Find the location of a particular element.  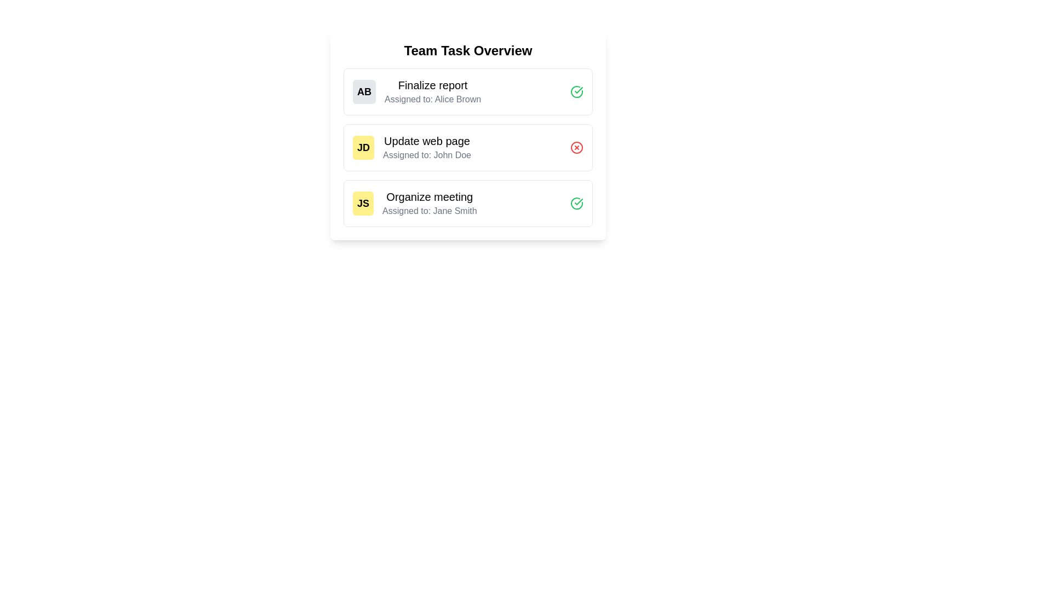

the text label that reads 'Assigned to: Jane Smith', which is positioned below the 'Organize meeting' title in the third task card of the 'Team Task Overview' section is located at coordinates (429, 211).